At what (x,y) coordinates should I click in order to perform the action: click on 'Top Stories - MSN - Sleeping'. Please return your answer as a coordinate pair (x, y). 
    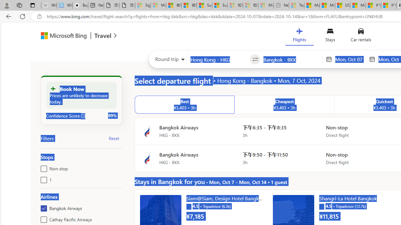
    Looking at the image, I should click on (296, 5).